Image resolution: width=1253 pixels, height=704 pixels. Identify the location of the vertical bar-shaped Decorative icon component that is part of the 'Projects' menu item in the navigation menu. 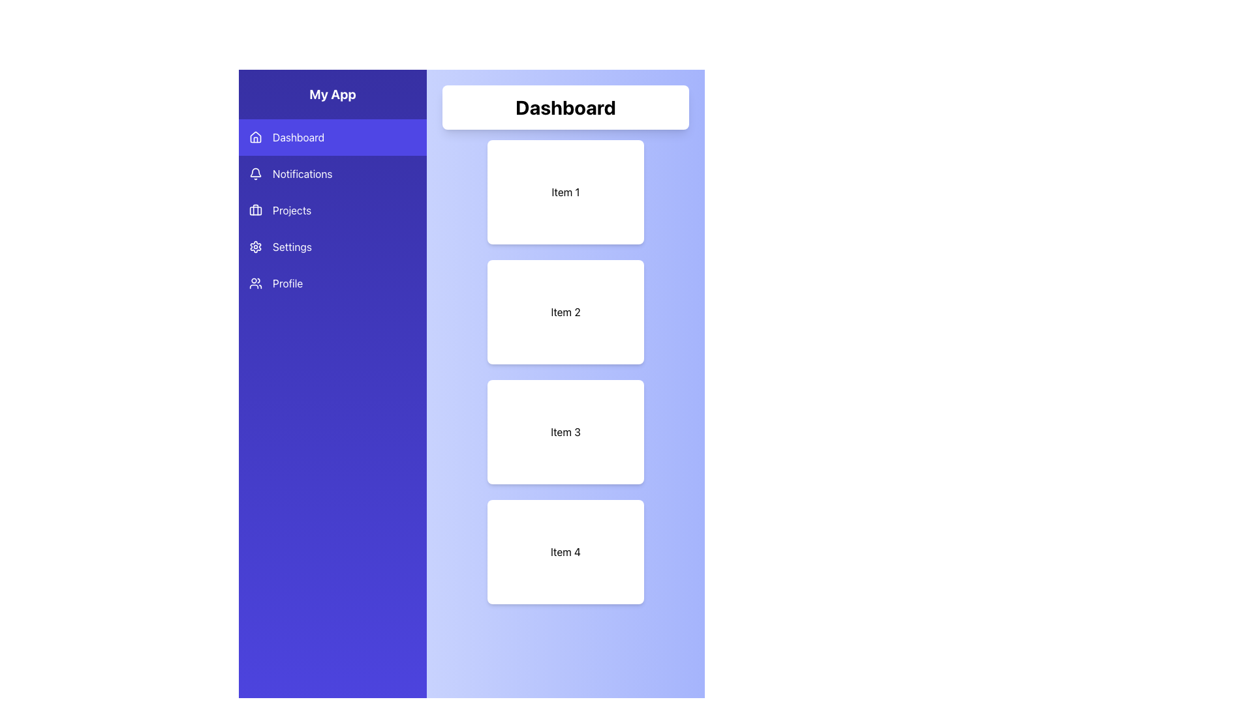
(256, 209).